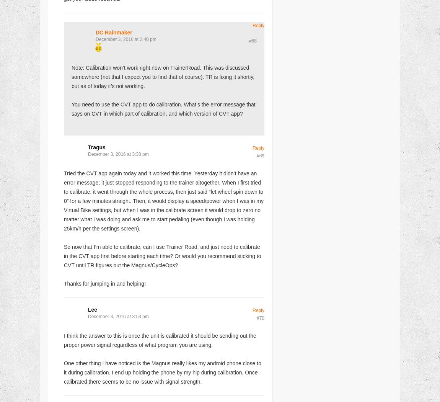 Image resolution: width=440 pixels, height=402 pixels. Describe the element at coordinates (63, 283) in the screenshot. I see `'Thanks for jumping in and helping!'` at that location.